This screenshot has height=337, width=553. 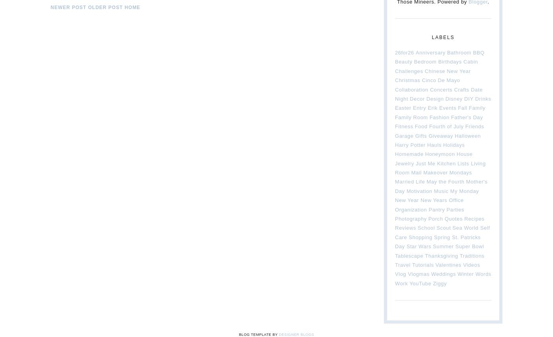 What do you see at coordinates (451, 117) in the screenshot?
I see `'Father's Day'` at bounding box center [451, 117].